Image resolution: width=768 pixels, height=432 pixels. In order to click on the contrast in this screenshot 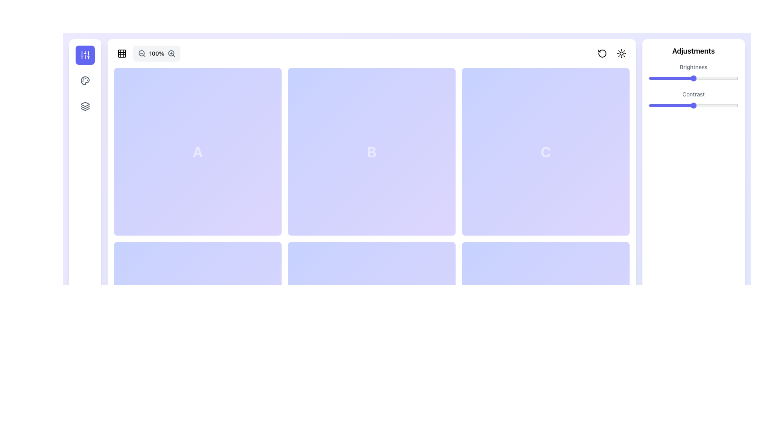, I will do `click(726, 105)`.